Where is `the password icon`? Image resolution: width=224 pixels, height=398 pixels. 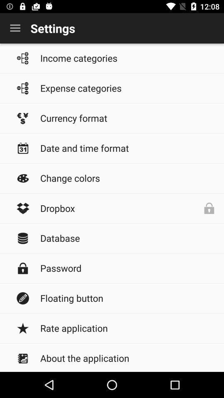 the password icon is located at coordinates (128, 267).